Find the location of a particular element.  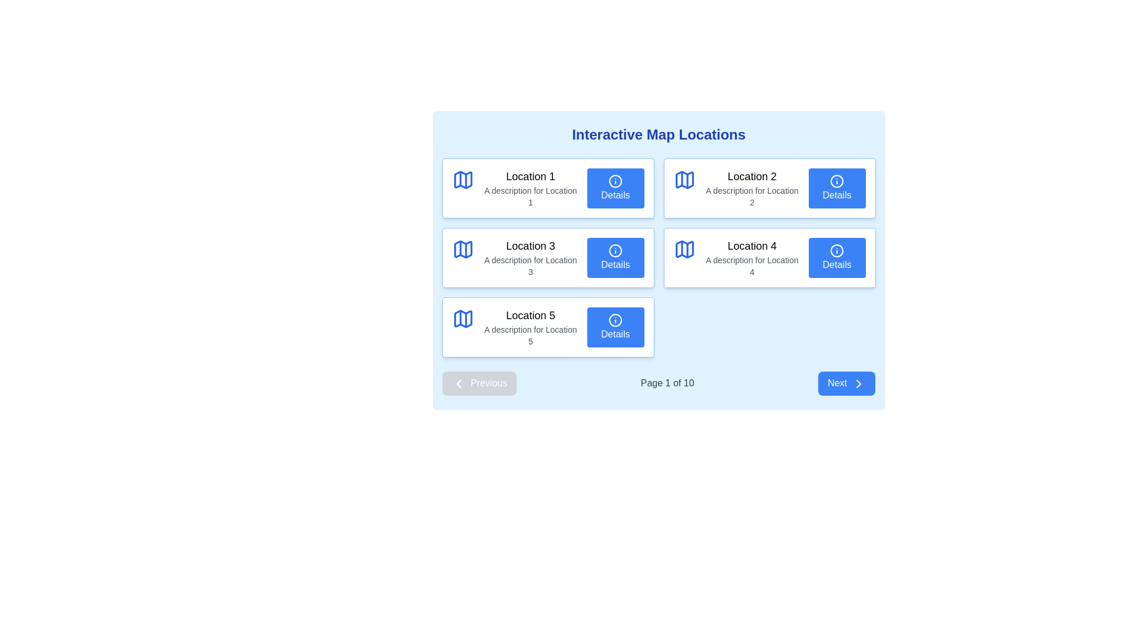

the light blue circular icon with an 'i' character enclosed, located within the 'Details' button under the 'Location 1' section is located at coordinates (615, 181).